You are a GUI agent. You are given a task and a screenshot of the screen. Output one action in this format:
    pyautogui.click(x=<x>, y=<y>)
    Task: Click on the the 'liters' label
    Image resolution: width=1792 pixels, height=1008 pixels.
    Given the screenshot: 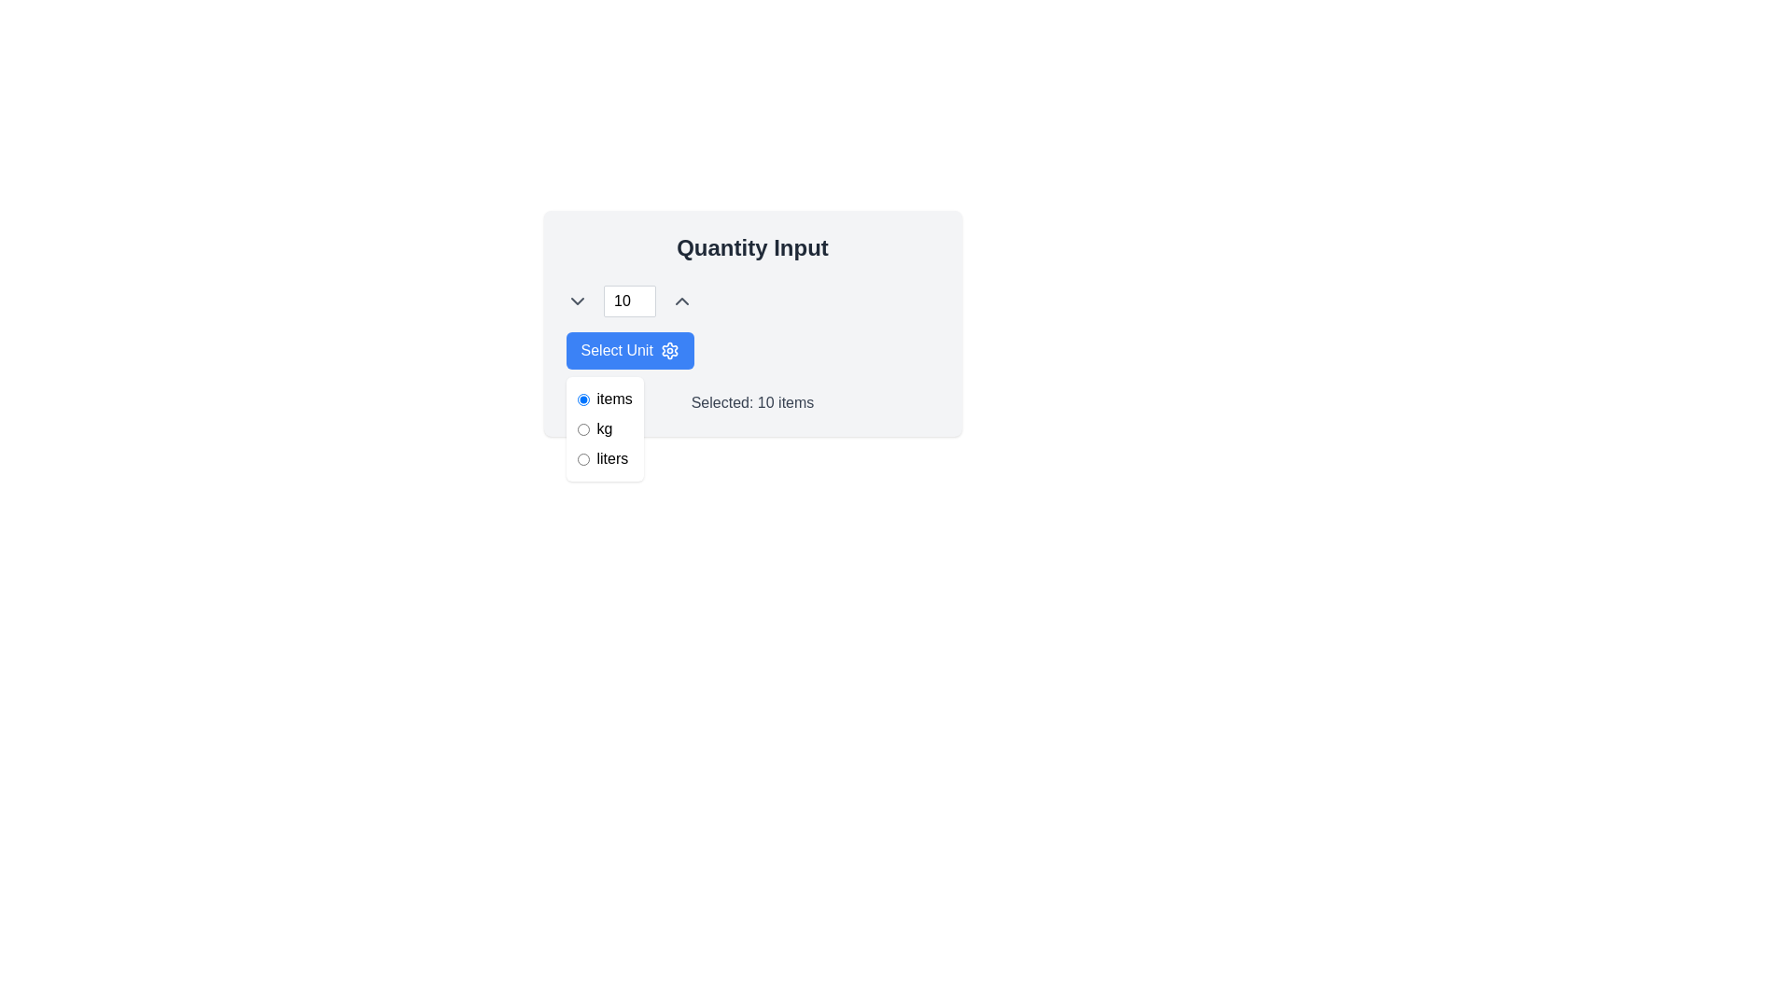 What is the action you would take?
    pyautogui.click(x=612, y=459)
    